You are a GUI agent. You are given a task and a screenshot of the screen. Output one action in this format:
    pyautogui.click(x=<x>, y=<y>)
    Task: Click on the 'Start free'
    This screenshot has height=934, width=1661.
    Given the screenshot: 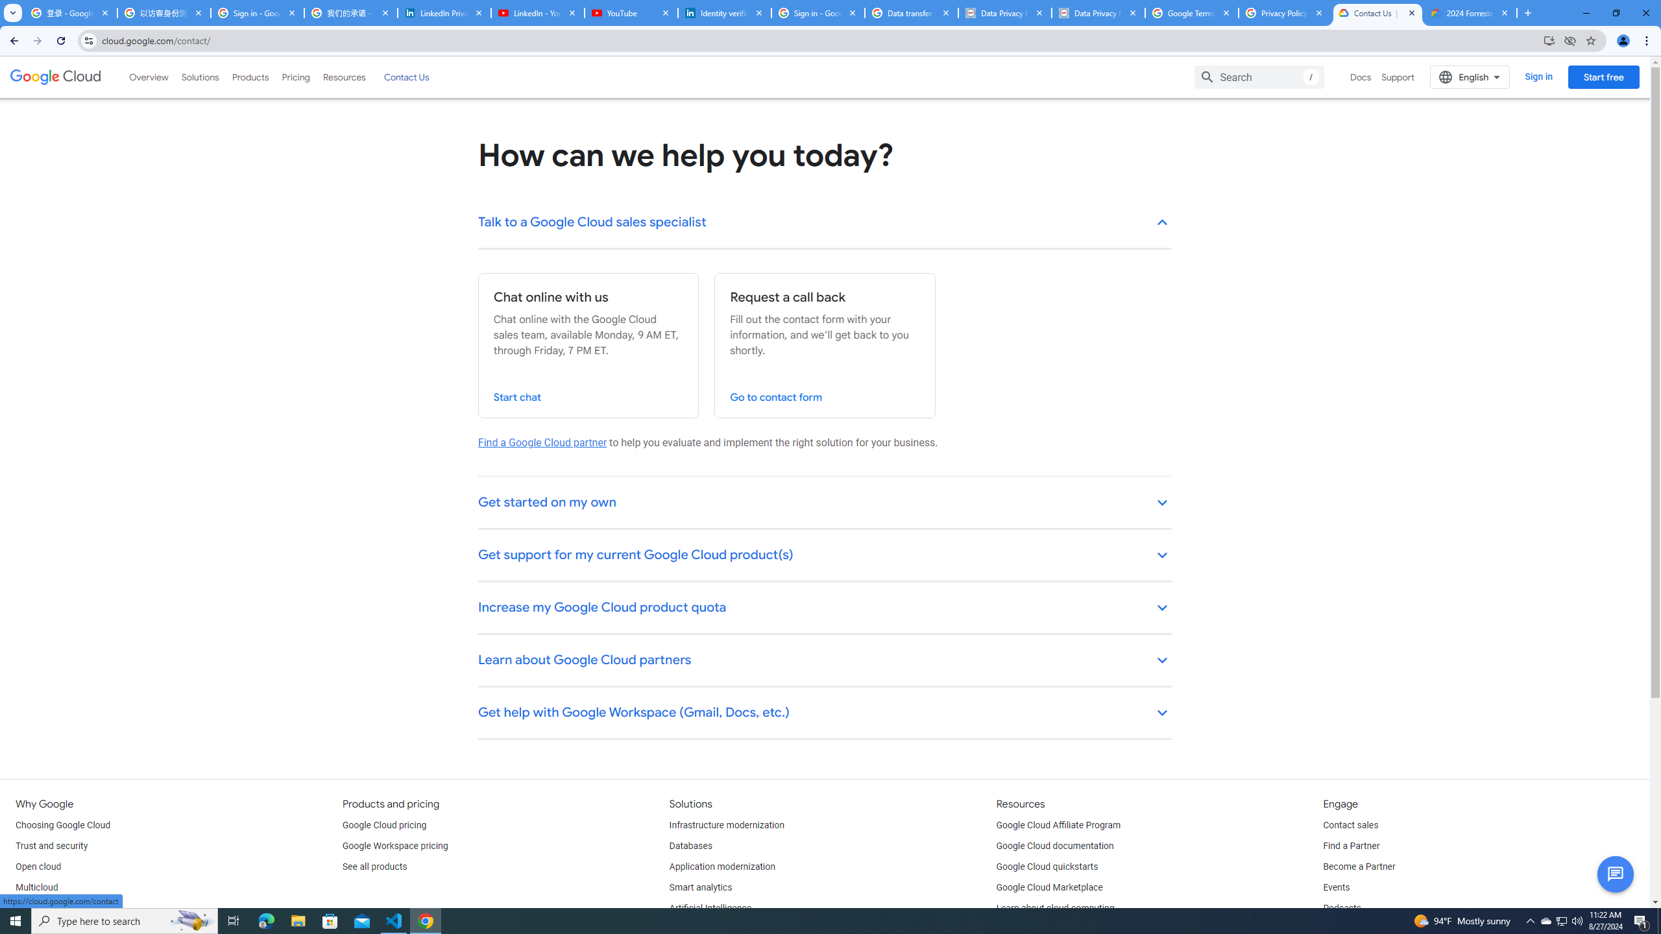 What is the action you would take?
    pyautogui.click(x=1603, y=77)
    